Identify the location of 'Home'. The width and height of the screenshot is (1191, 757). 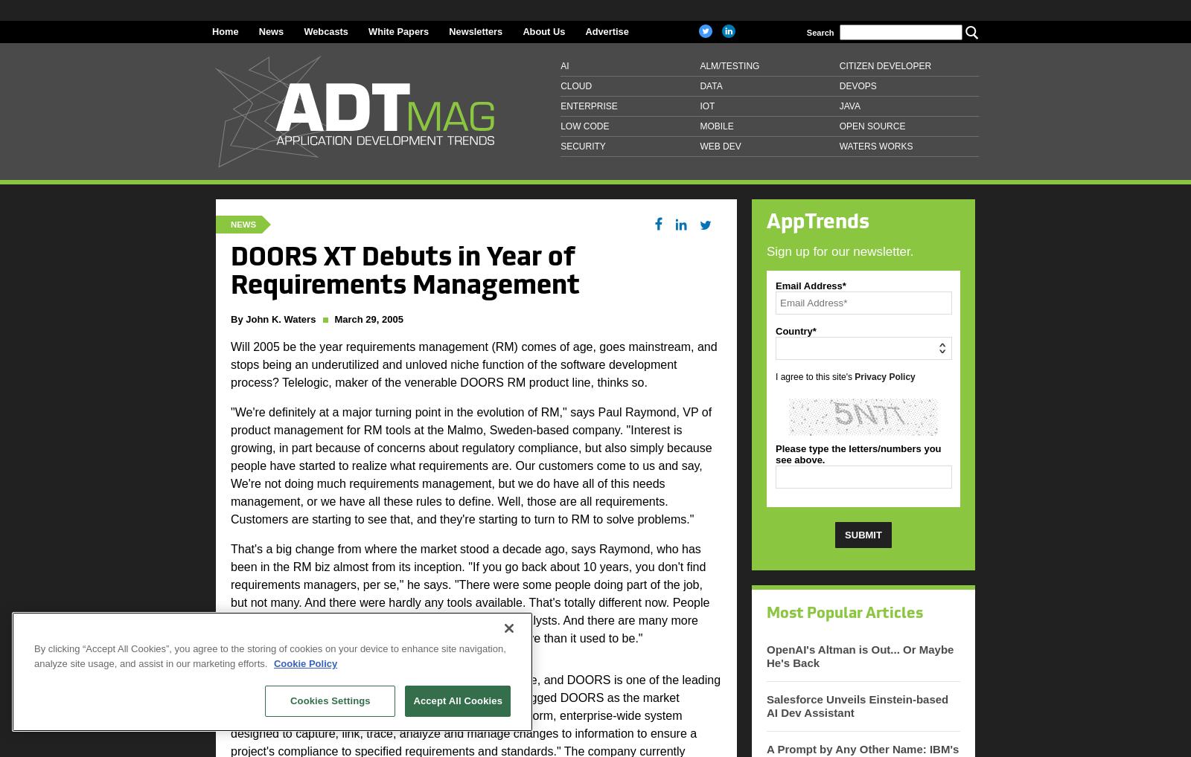
(211, 30).